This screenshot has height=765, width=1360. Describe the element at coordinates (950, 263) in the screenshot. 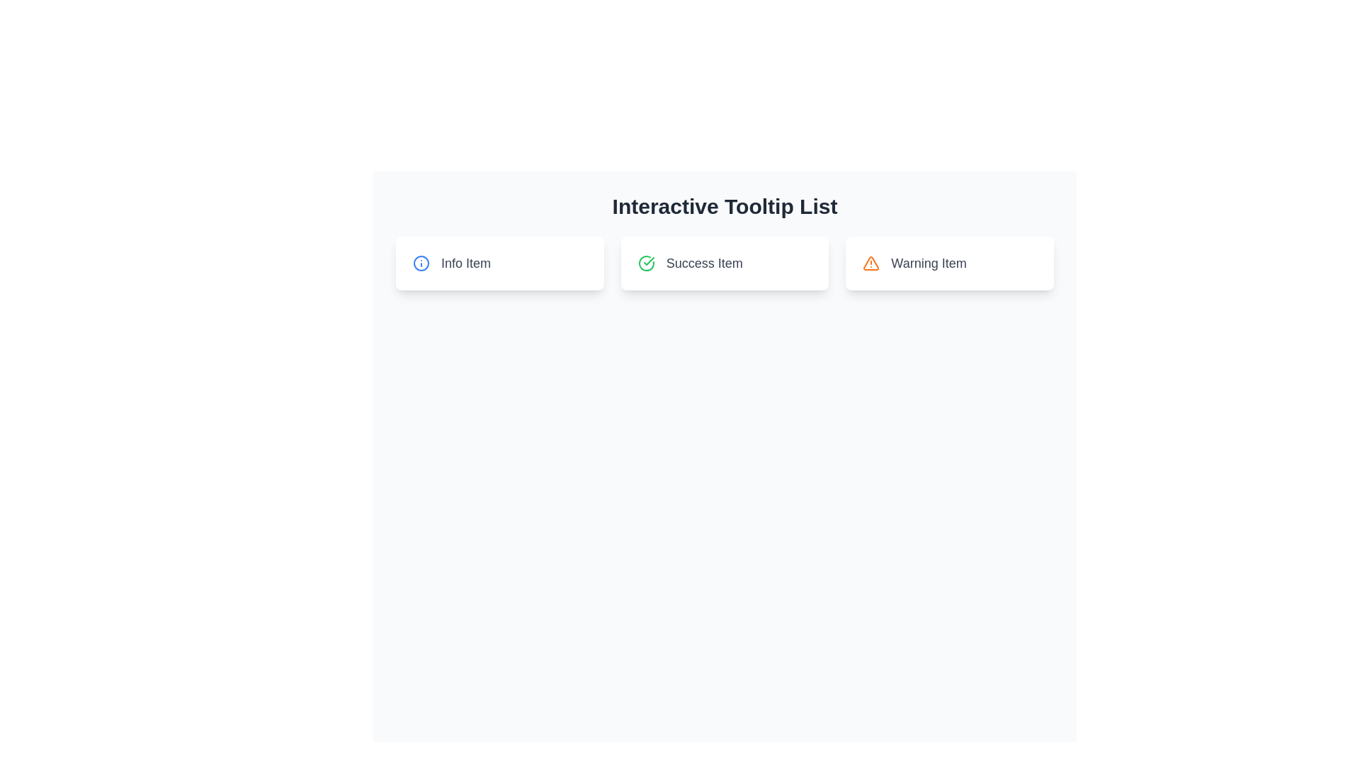

I see `the rightmost UI Label with Icon that indicates a warning or potential issue, positioned after 'Info Item' and 'Success Item'` at that location.